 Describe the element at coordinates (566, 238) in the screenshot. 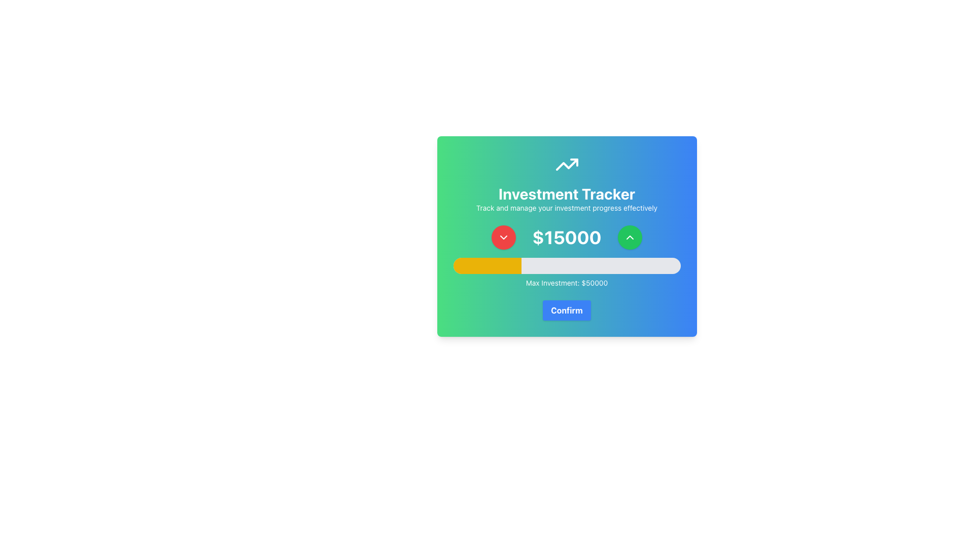

I see `text value displayed as '$15000' in large, bold font, centrally located below the 'Investment Tracker' header` at that location.